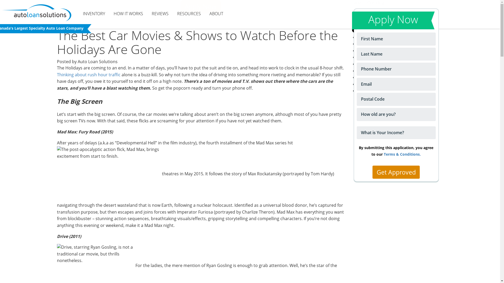 This screenshot has width=504, height=283. I want to click on 'INVENTORY', so click(94, 14).